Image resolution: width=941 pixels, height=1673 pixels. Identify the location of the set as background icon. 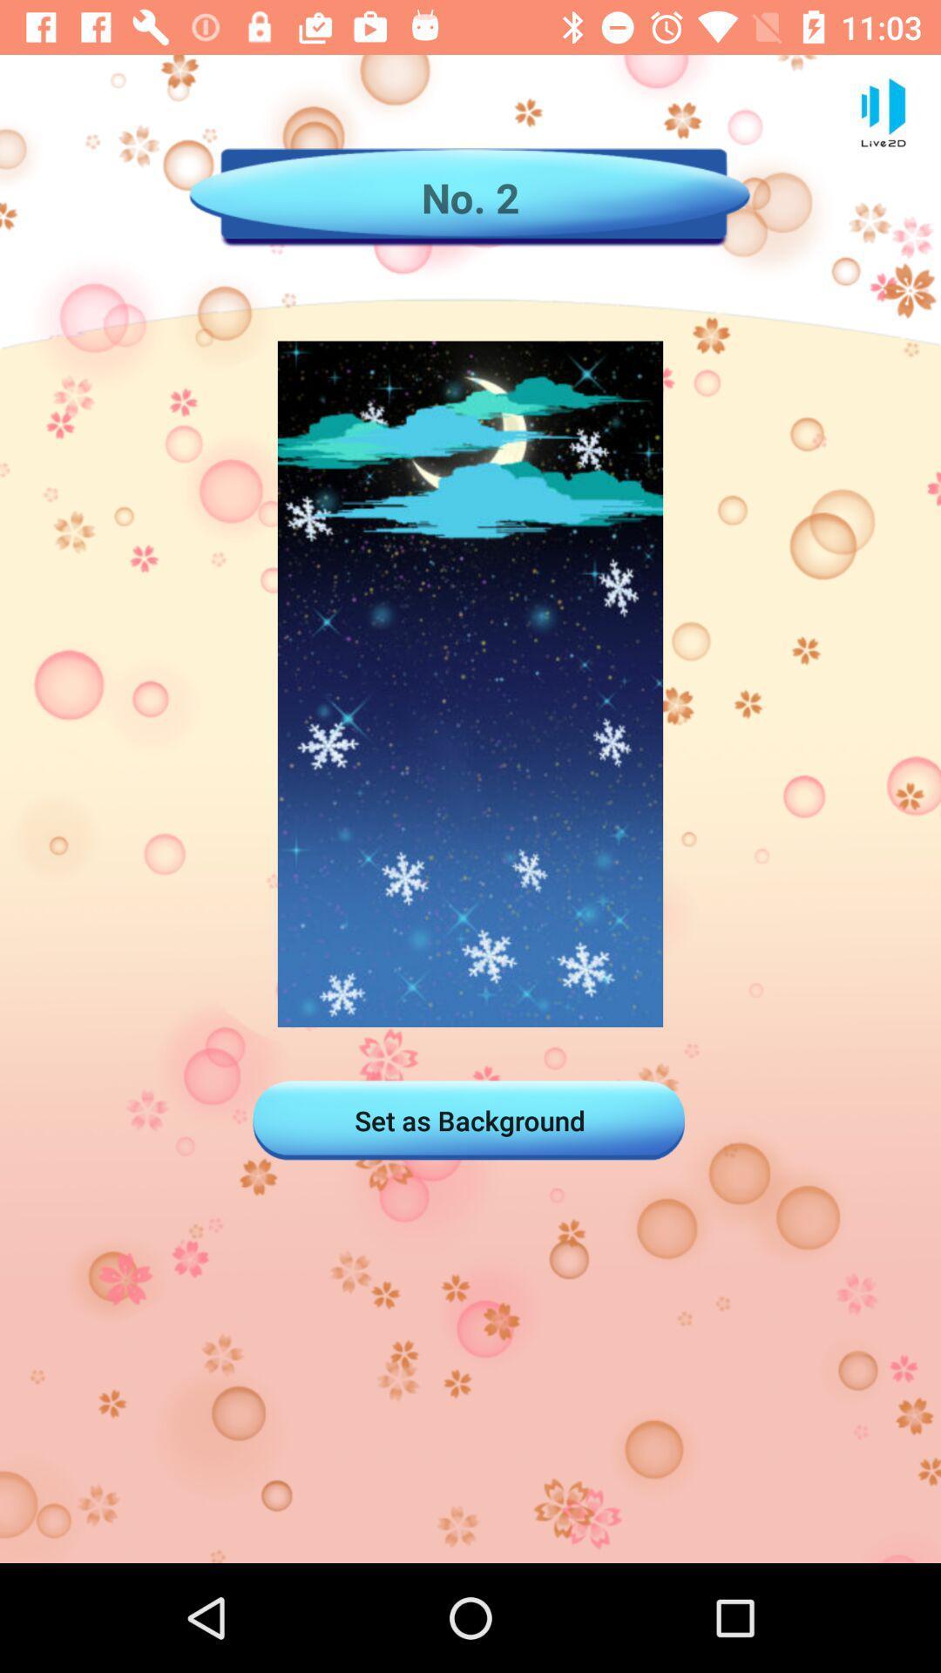
(469, 1120).